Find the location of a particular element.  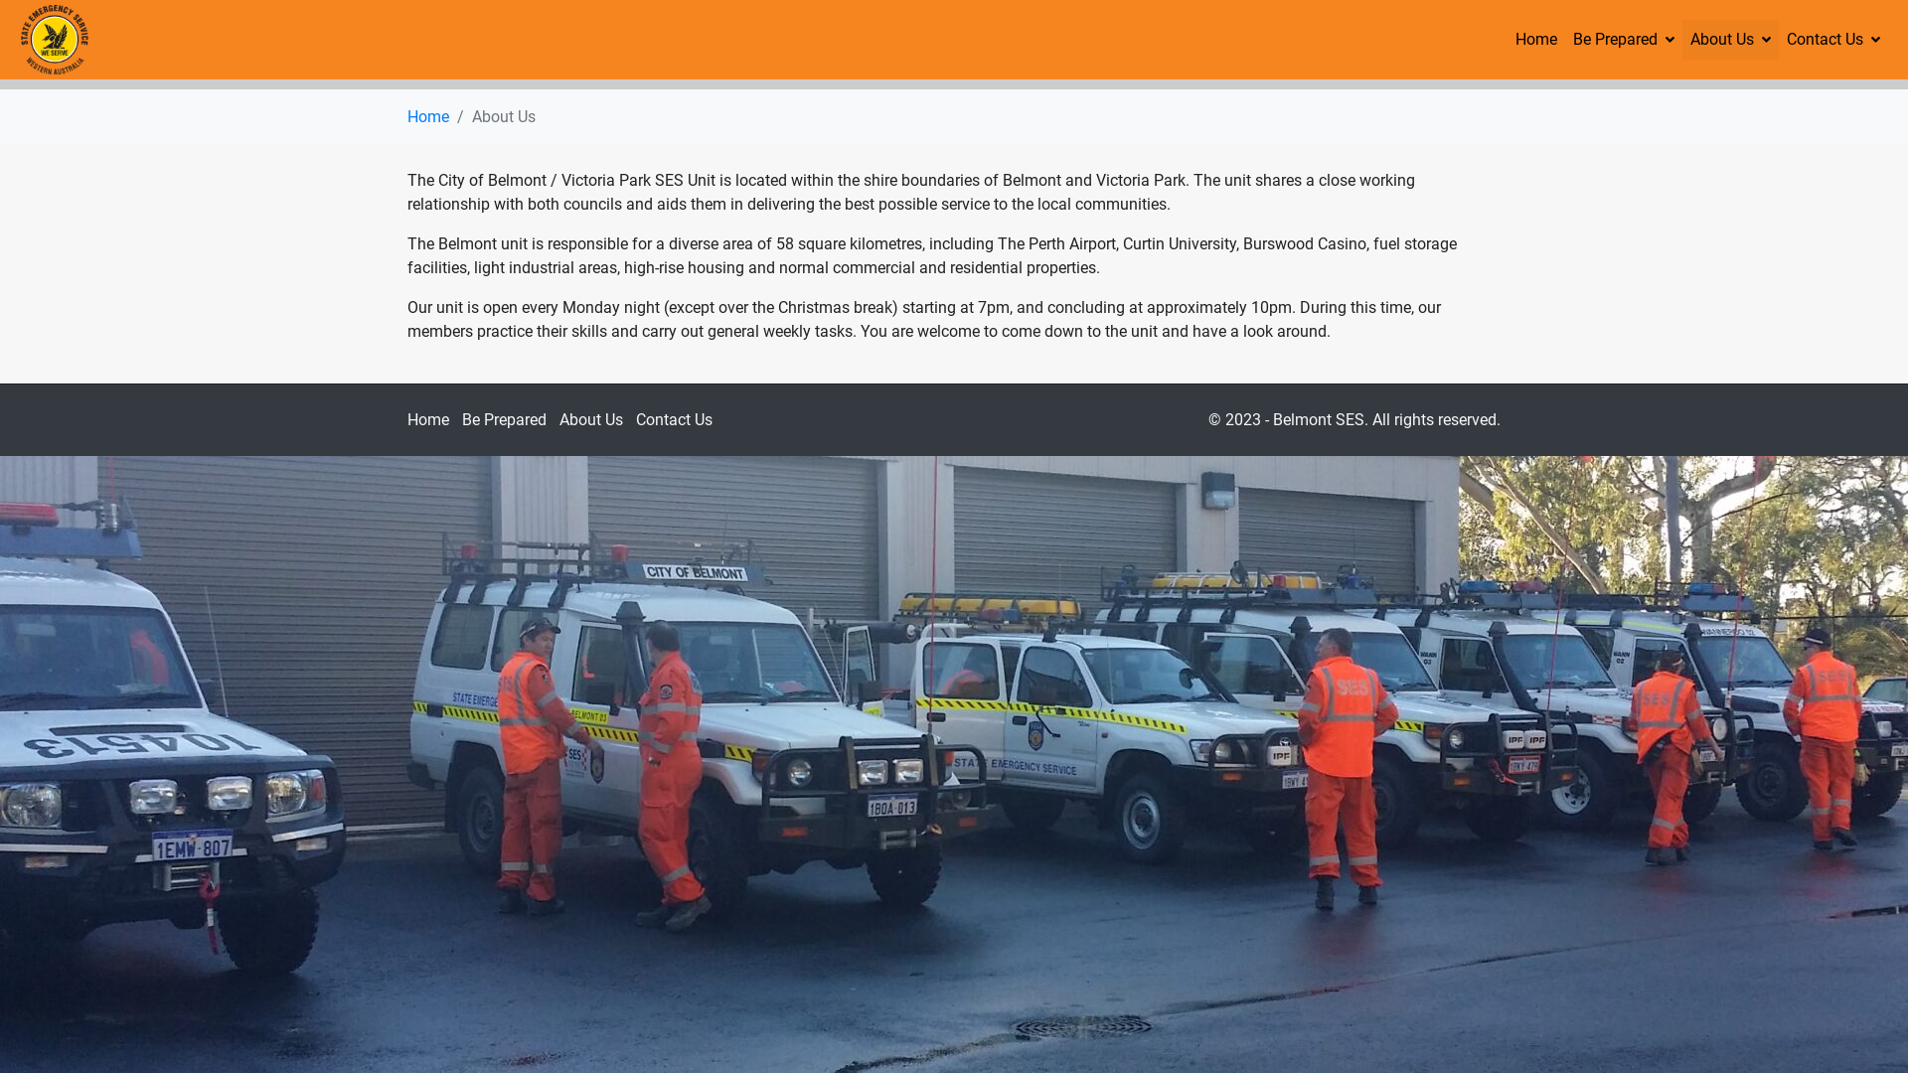

'Contact Us' is located at coordinates (1831, 39).